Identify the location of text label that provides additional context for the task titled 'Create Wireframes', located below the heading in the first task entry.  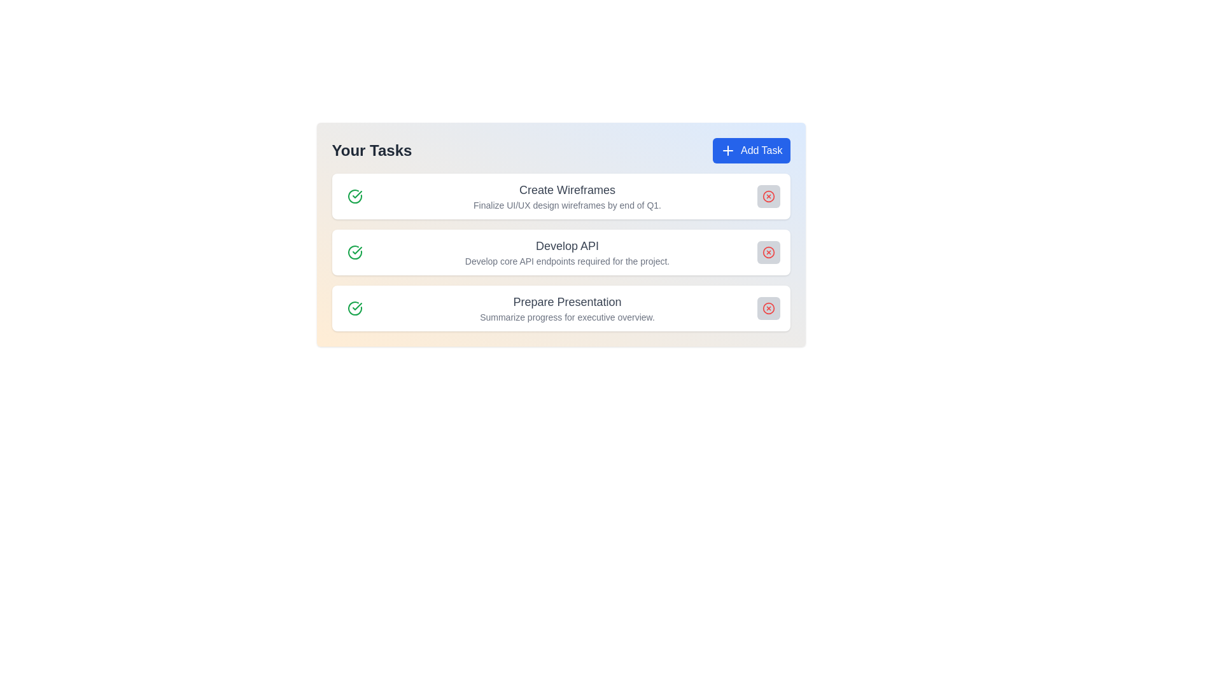
(566, 205).